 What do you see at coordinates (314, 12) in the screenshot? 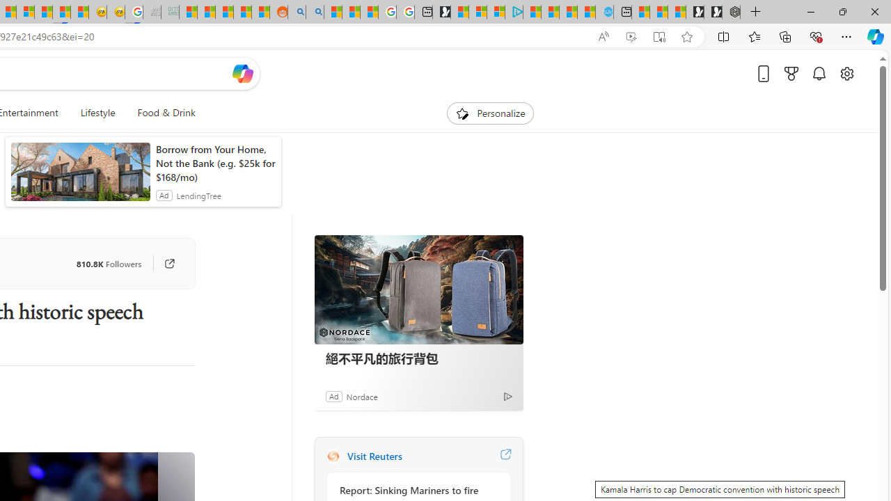
I see `'Utah sues federal government - Search'` at bounding box center [314, 12].